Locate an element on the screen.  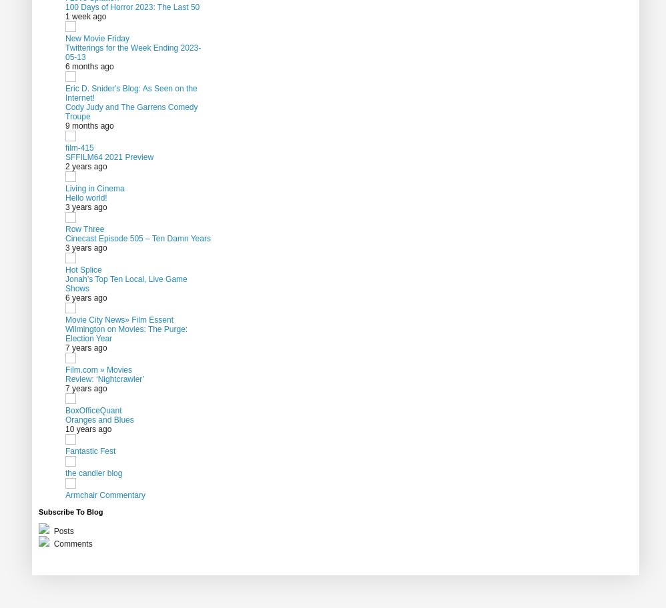
'Movie City News» Film Essent' is located at coordinates (119, 319).